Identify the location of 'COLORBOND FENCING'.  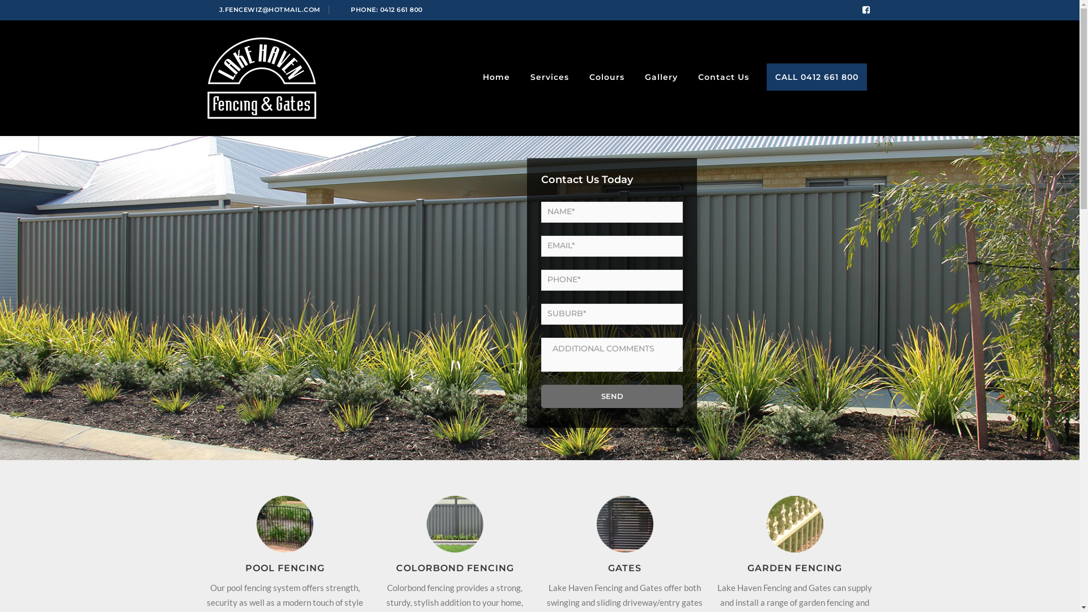
(454, 568).